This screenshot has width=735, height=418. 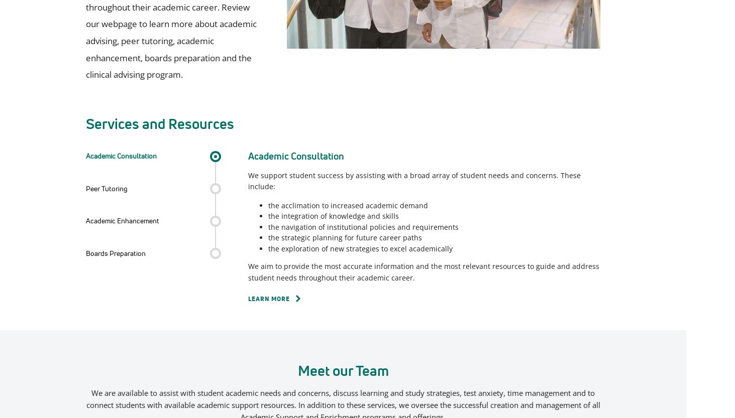 I want to click on 'Meet our Team', so click(x=342, y=370).